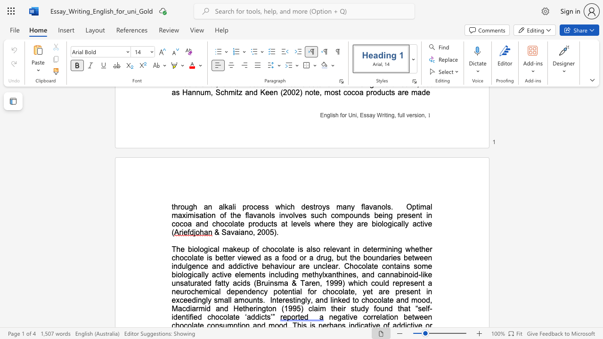 This screenshot has width=603, height=339. Describe the element at coordinates (370, 249) in the screenshot. I see `the subset text "te" within the text "determining"` at that location.